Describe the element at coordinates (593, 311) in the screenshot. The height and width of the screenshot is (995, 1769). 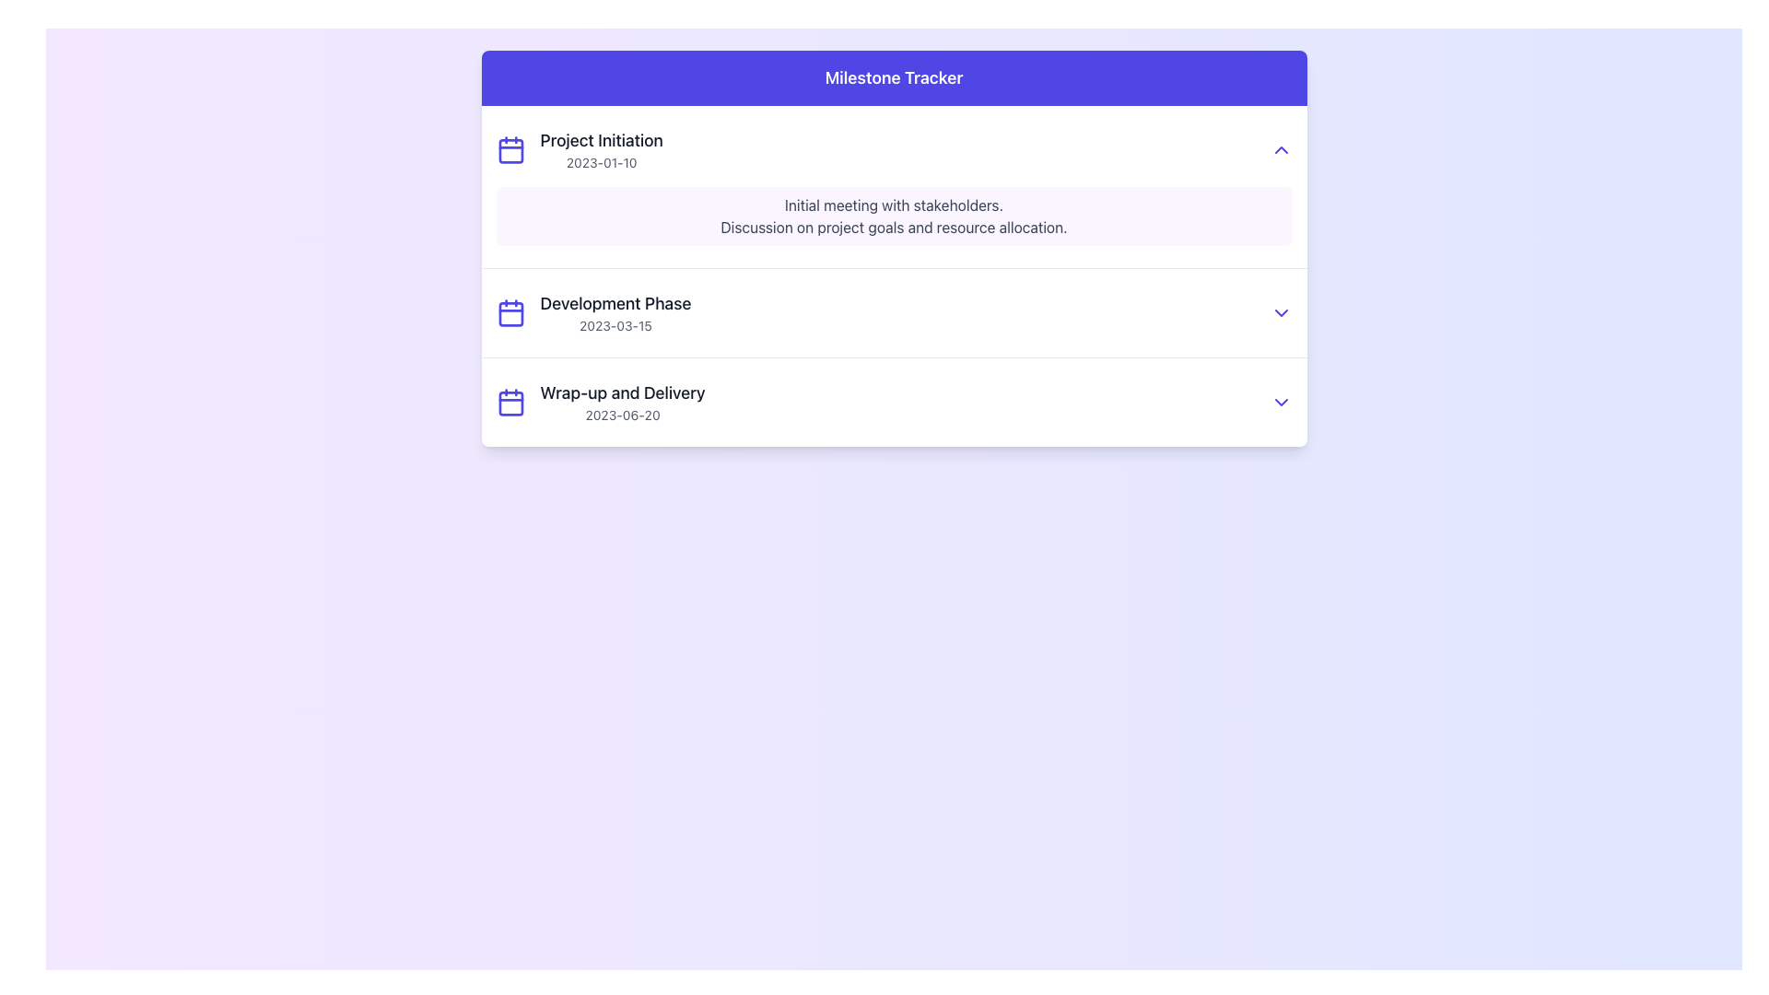
I see `to select the milestone marker for 'Development Phase' dated '2023-03-15', which is the second entry in the list of milestones` at that location.